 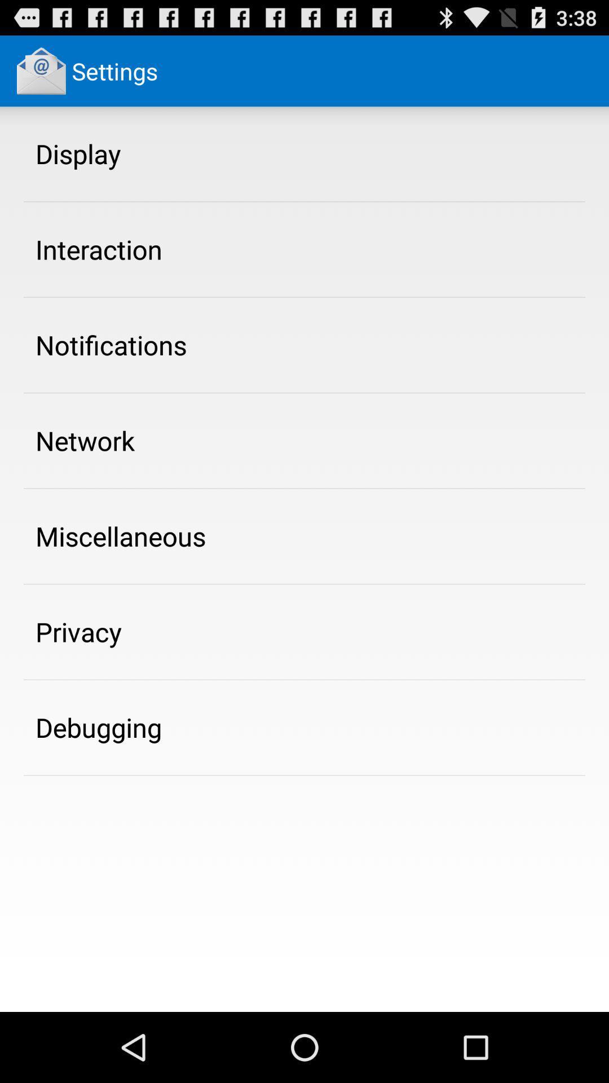 I want to click on the item below the notifications item, so click(x=85, y=440).